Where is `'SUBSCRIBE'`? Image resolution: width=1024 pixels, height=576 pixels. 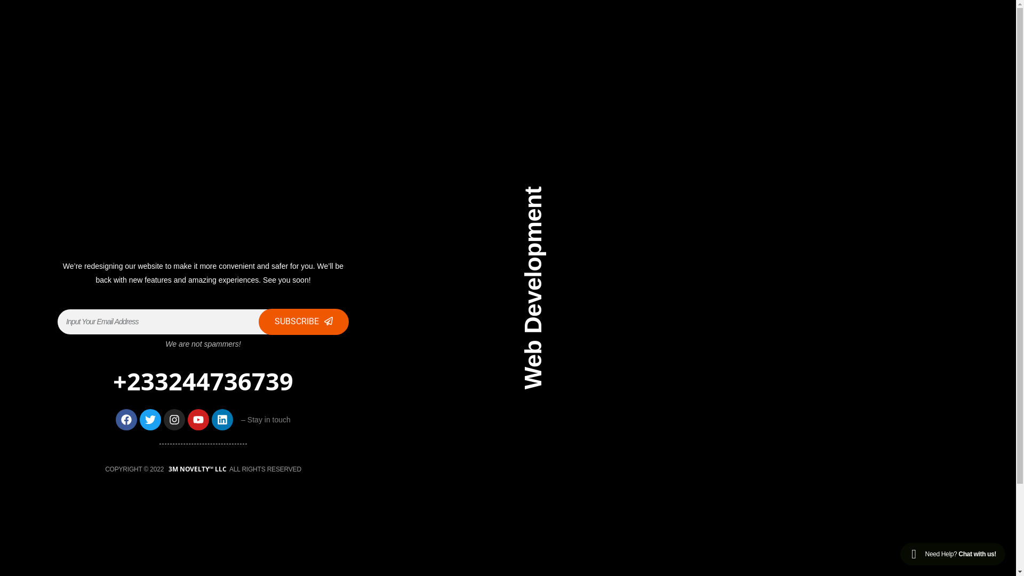
'SUBSCRIBE' is located at coordinates (303, 321).